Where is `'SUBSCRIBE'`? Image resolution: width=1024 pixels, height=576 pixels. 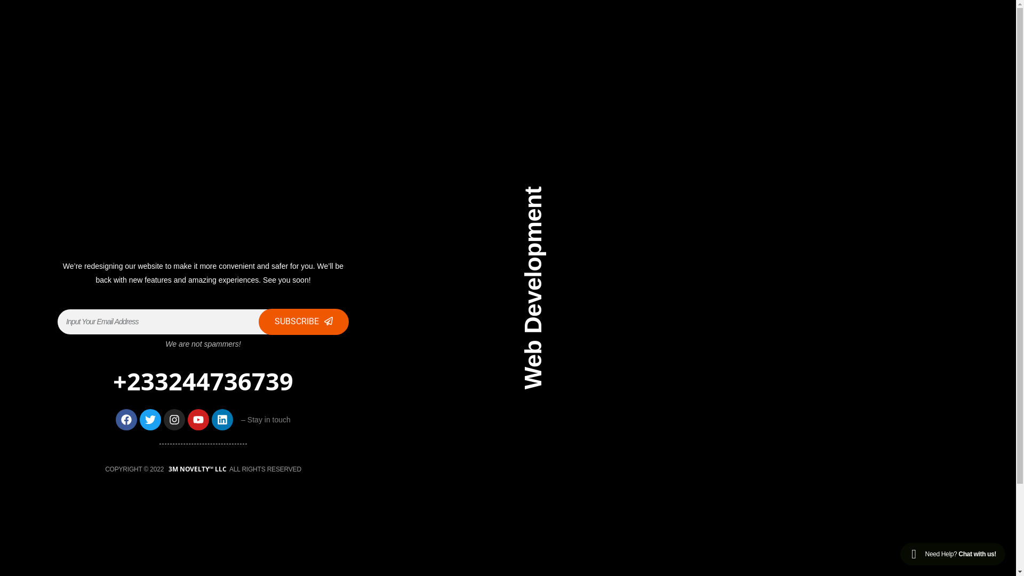
'SUBSCRIBE' is located at coordinates (303, 321).